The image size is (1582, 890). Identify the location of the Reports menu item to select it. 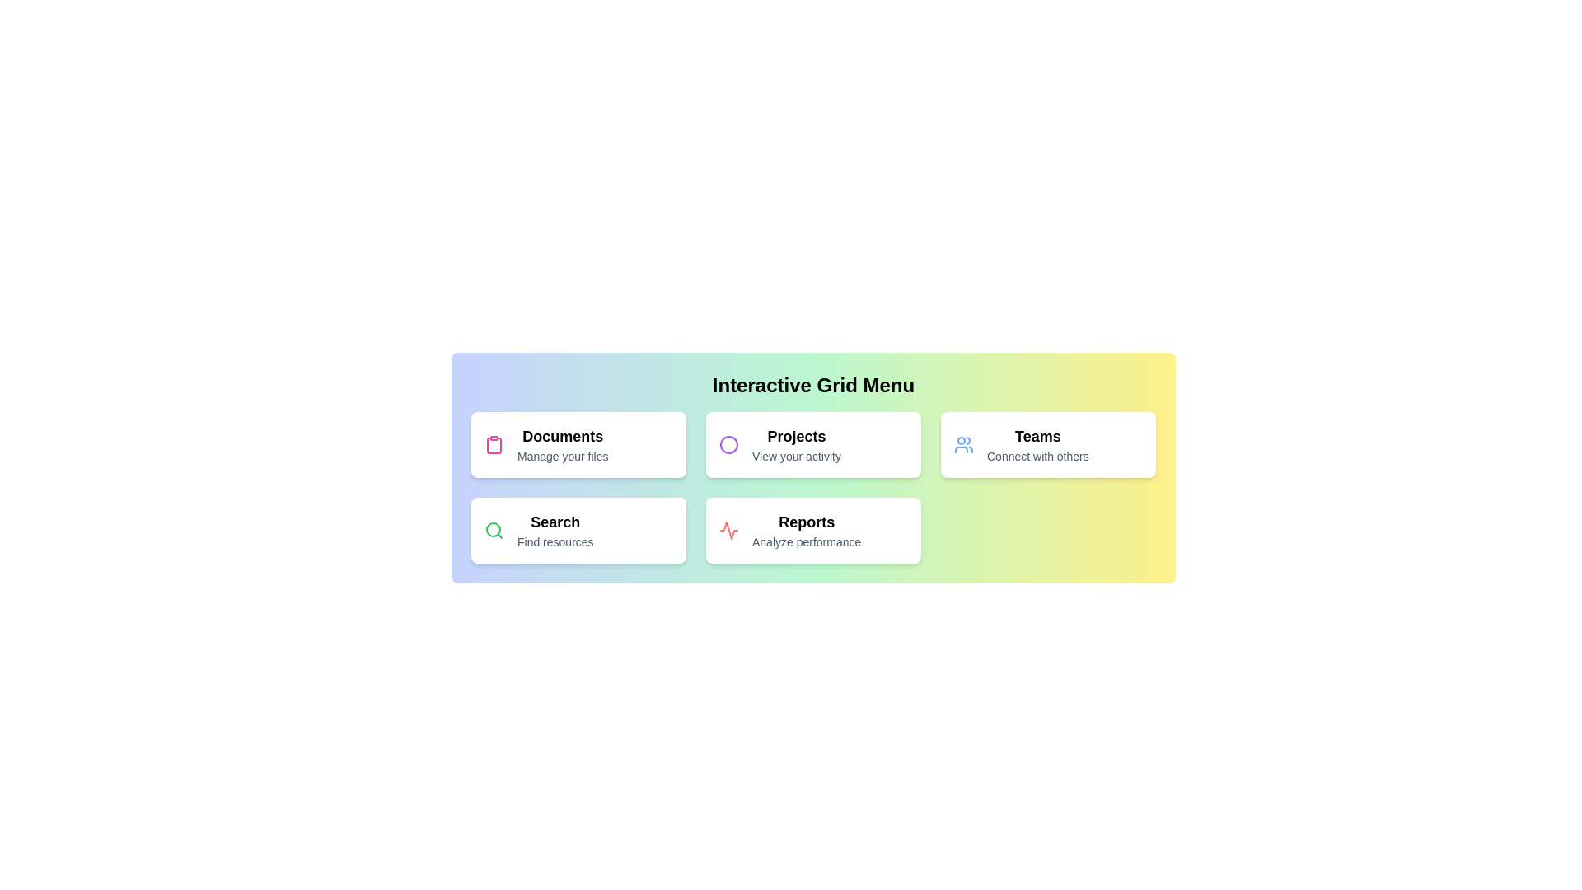
(813, 531).